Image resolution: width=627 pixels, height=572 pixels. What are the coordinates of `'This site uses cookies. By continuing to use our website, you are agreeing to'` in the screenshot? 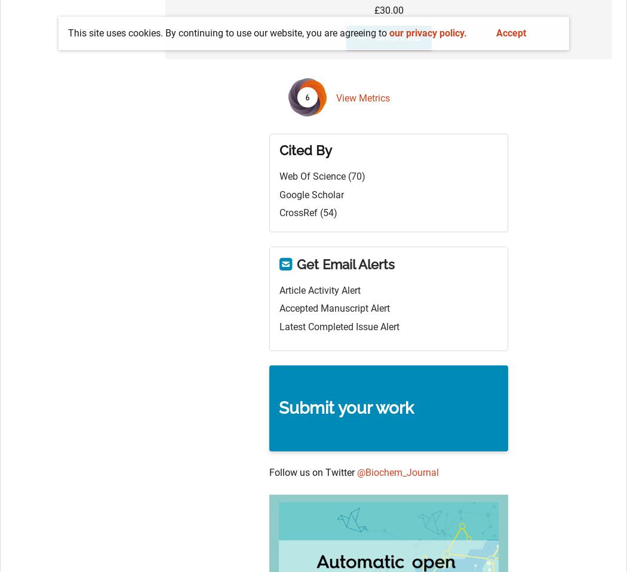 It's located at (228, 32).